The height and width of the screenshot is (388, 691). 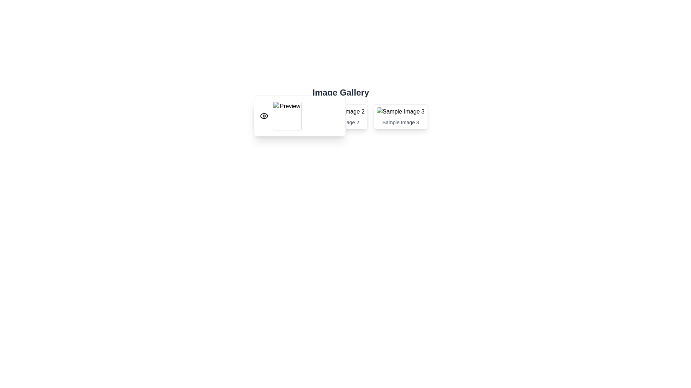 What do you see at coordinates (340, 92) in the screenshot?
I see `the Header Text that displays the title for the gallery section, which is centrally aligned above the thumbnails` at bounding box center [340, 92].